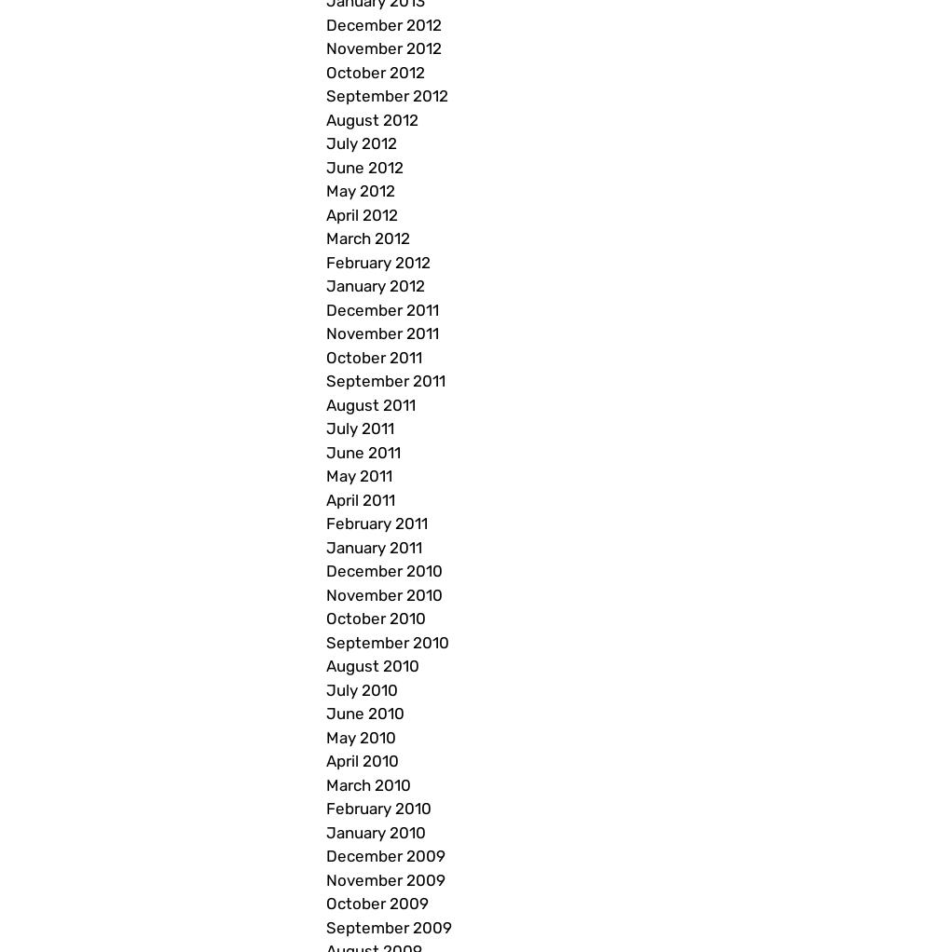  I want to click on 'November 2009', so click(325, 879).